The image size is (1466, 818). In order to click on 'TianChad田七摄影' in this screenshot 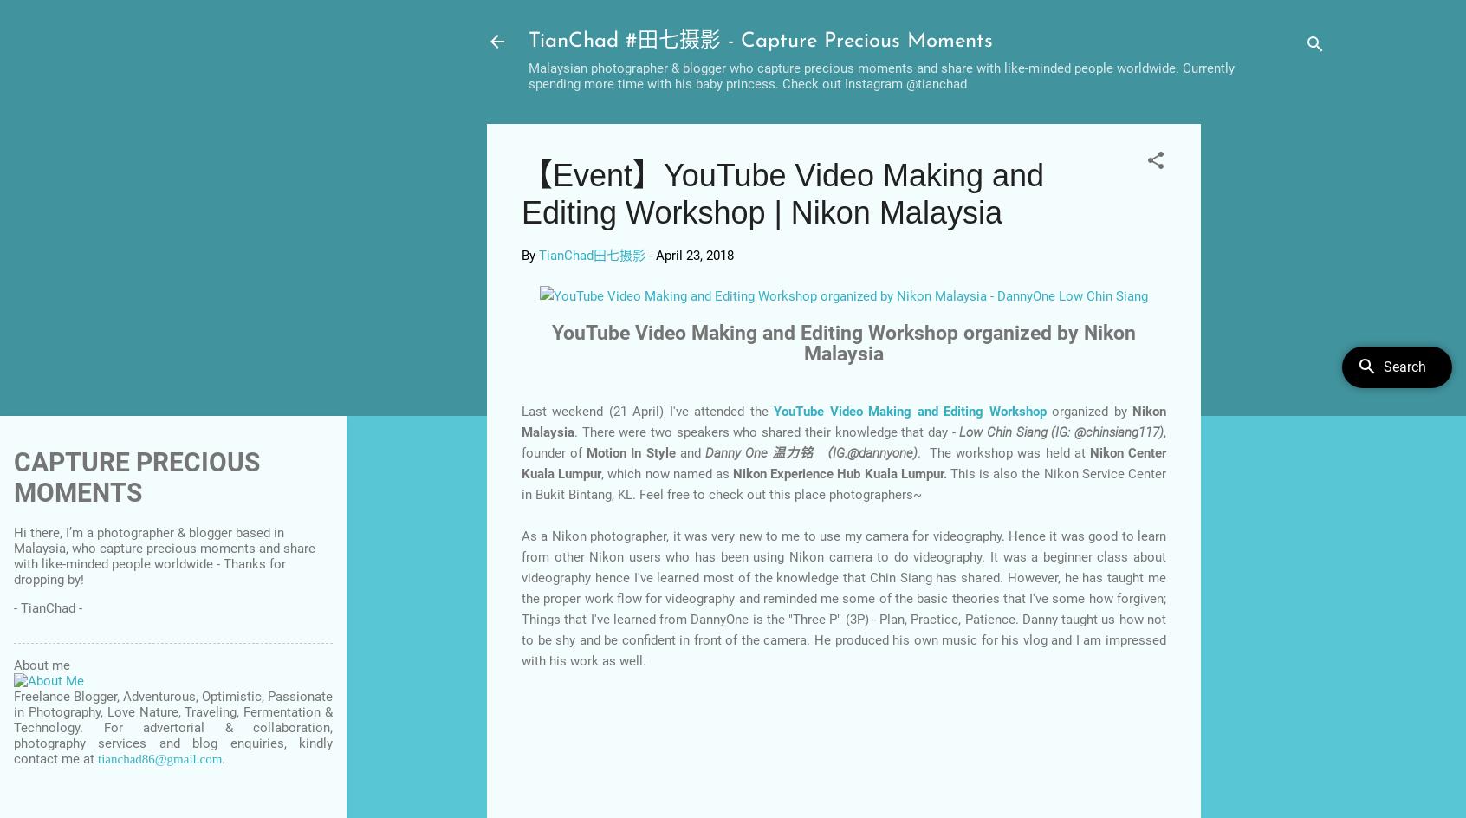, I will do `click(537, 256)`.